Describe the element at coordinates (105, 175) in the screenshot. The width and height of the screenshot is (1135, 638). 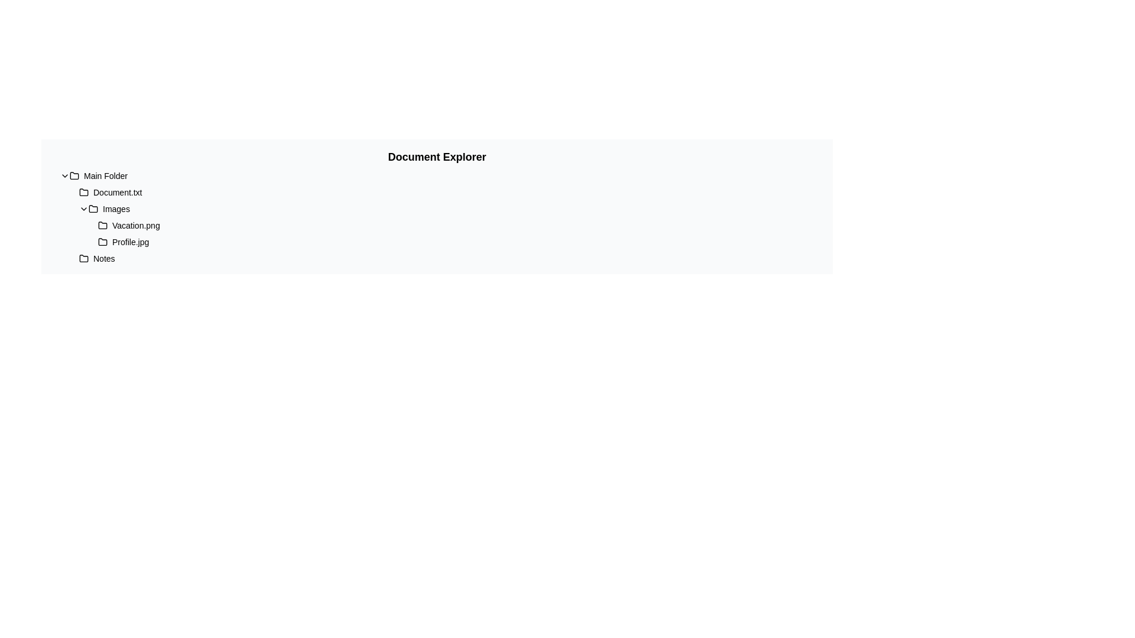
I see `the text label representing the name of a folder in the left panel of the document explorer interface` at that location.